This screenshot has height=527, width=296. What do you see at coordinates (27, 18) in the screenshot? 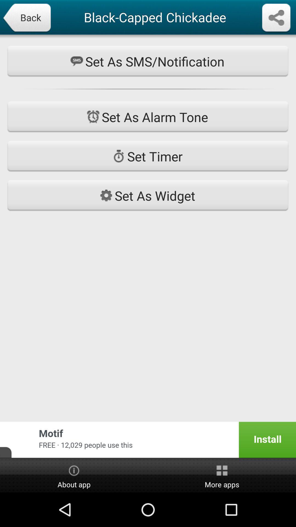
I see `the item to the left of the black-capped chickadee app` at bounding box center [27, 18].